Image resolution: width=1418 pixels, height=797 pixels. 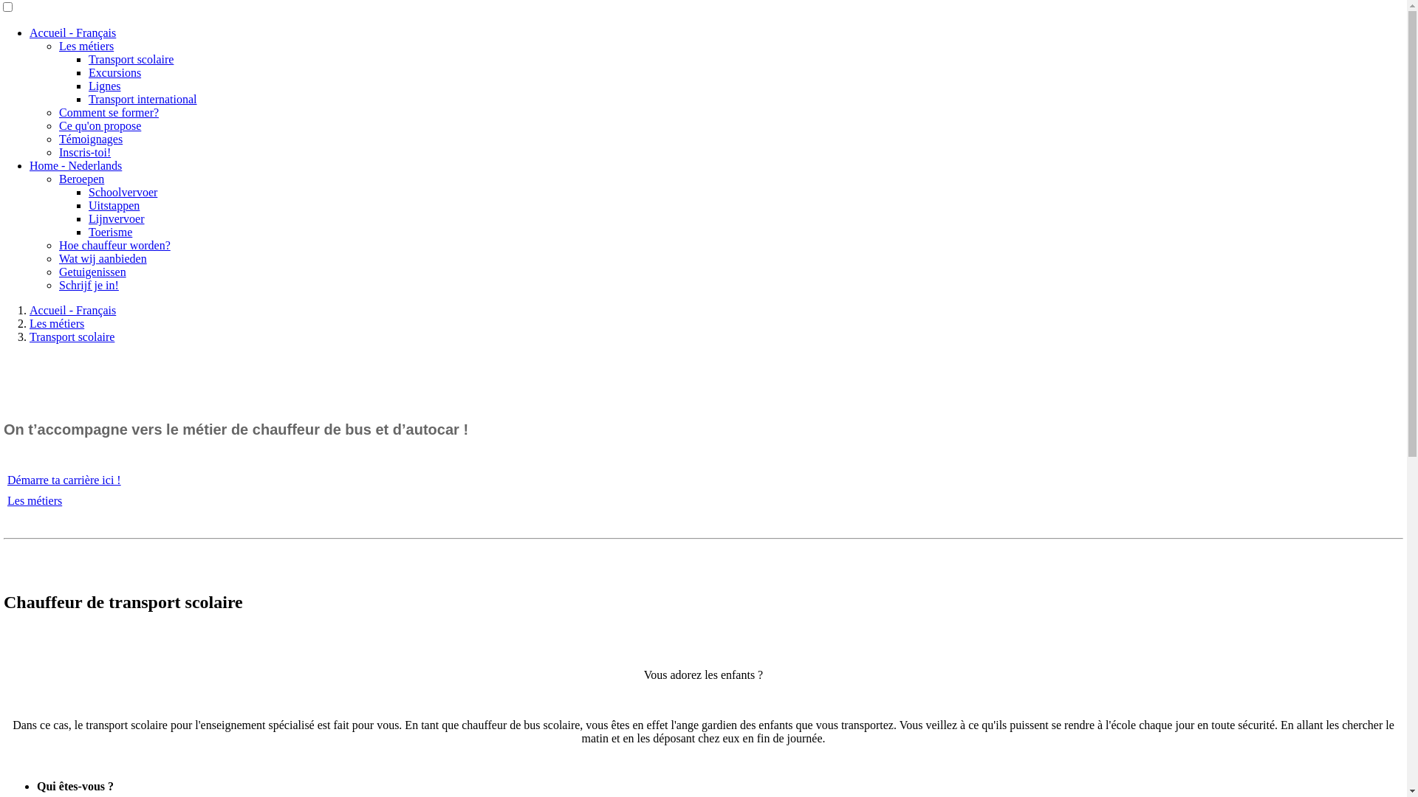 I want to click on 'Lignes', so click(x=104, y=86).